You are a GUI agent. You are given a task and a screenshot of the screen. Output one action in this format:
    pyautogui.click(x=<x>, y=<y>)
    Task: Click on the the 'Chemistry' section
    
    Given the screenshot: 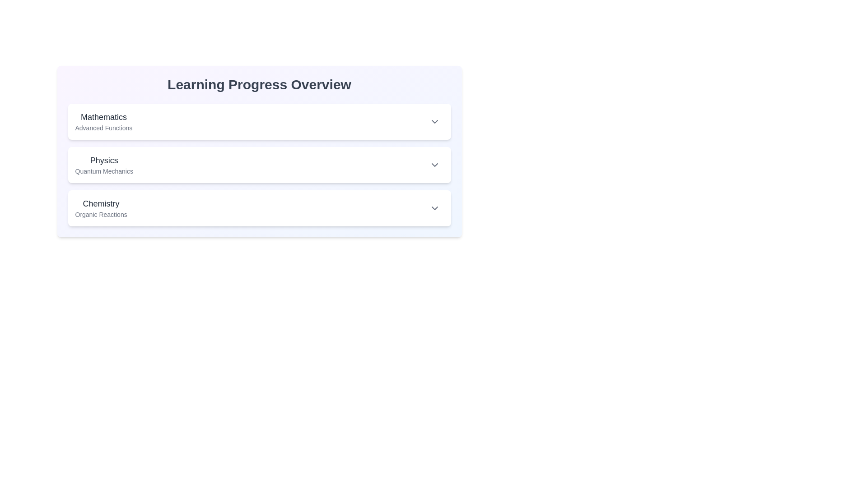 What is the action you would take?
    pyautogui.click(x=101, y=203)
    